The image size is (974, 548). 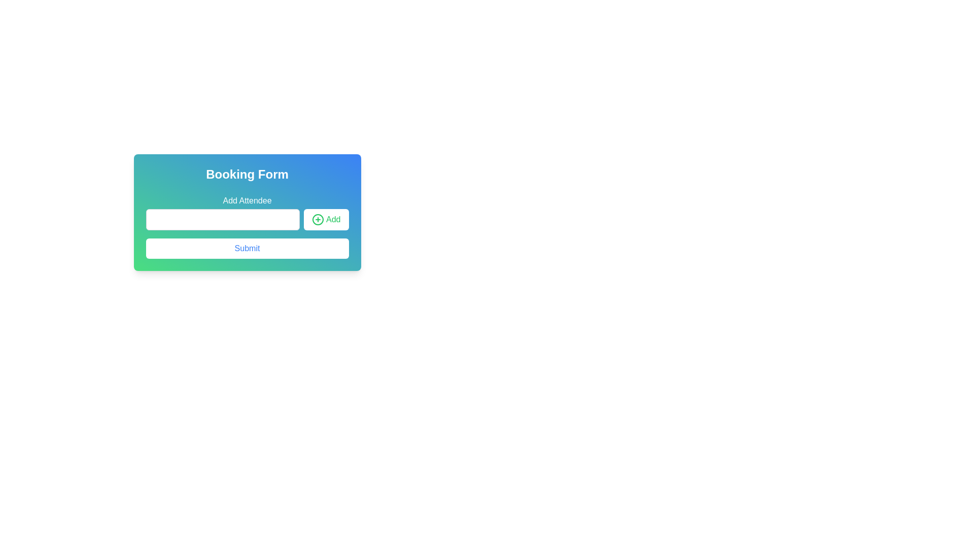 I want to click on the text input field located to the left of the green 'Add' button in the middle section of the form, so click(x=222, y=219).